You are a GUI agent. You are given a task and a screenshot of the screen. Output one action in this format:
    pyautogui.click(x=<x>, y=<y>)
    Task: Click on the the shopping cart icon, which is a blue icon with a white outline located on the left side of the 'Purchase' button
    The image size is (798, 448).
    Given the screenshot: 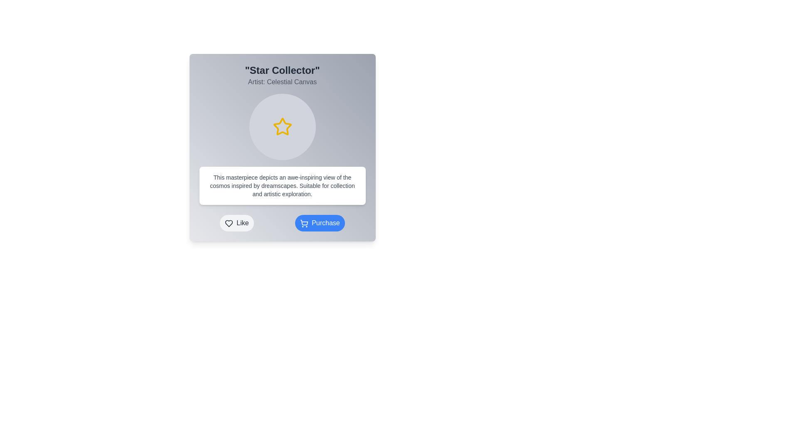 What is the action you would take?
    pyautogui.click(x=304, y=223)
    